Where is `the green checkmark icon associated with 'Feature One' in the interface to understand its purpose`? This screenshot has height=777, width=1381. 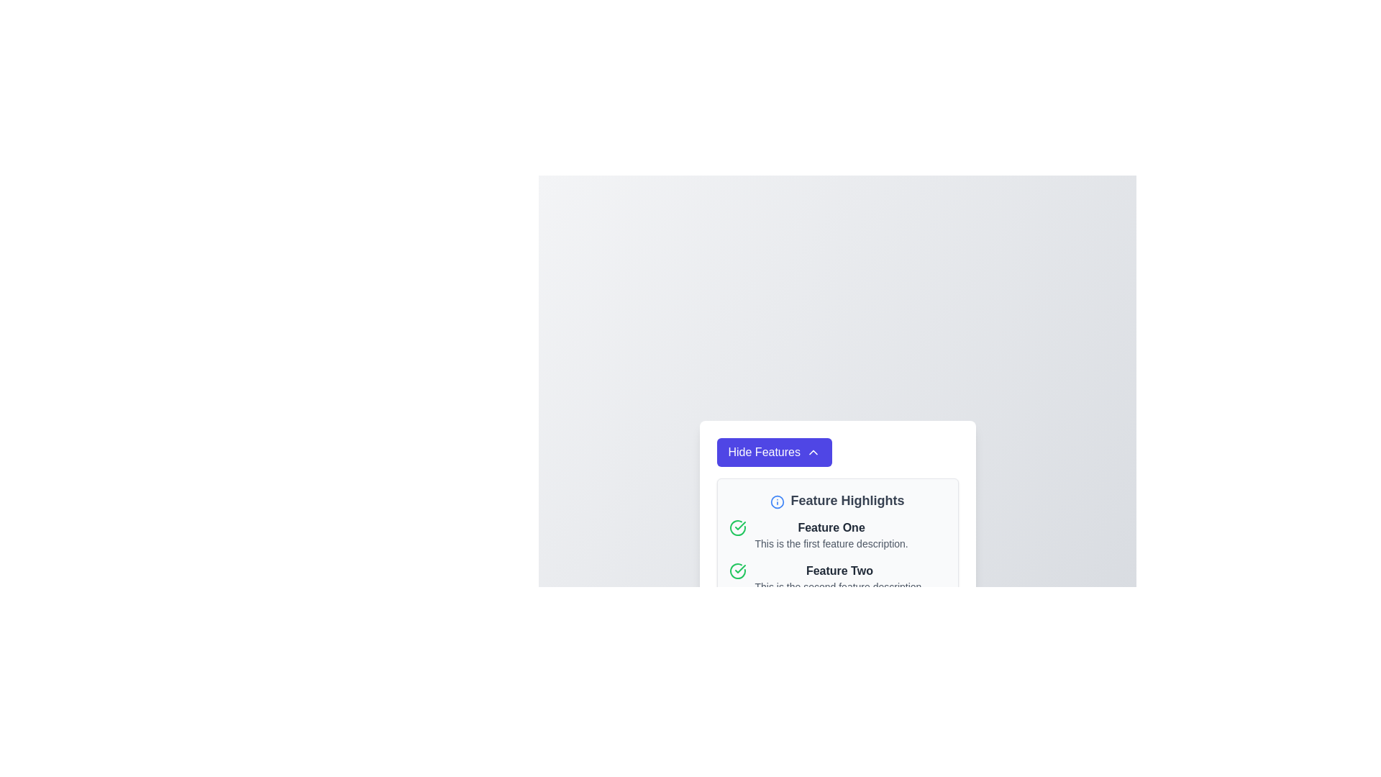
the green checkmark icon associated with 'Feature One' in the interface to understand its purpose is located at coordinates (739, 568).